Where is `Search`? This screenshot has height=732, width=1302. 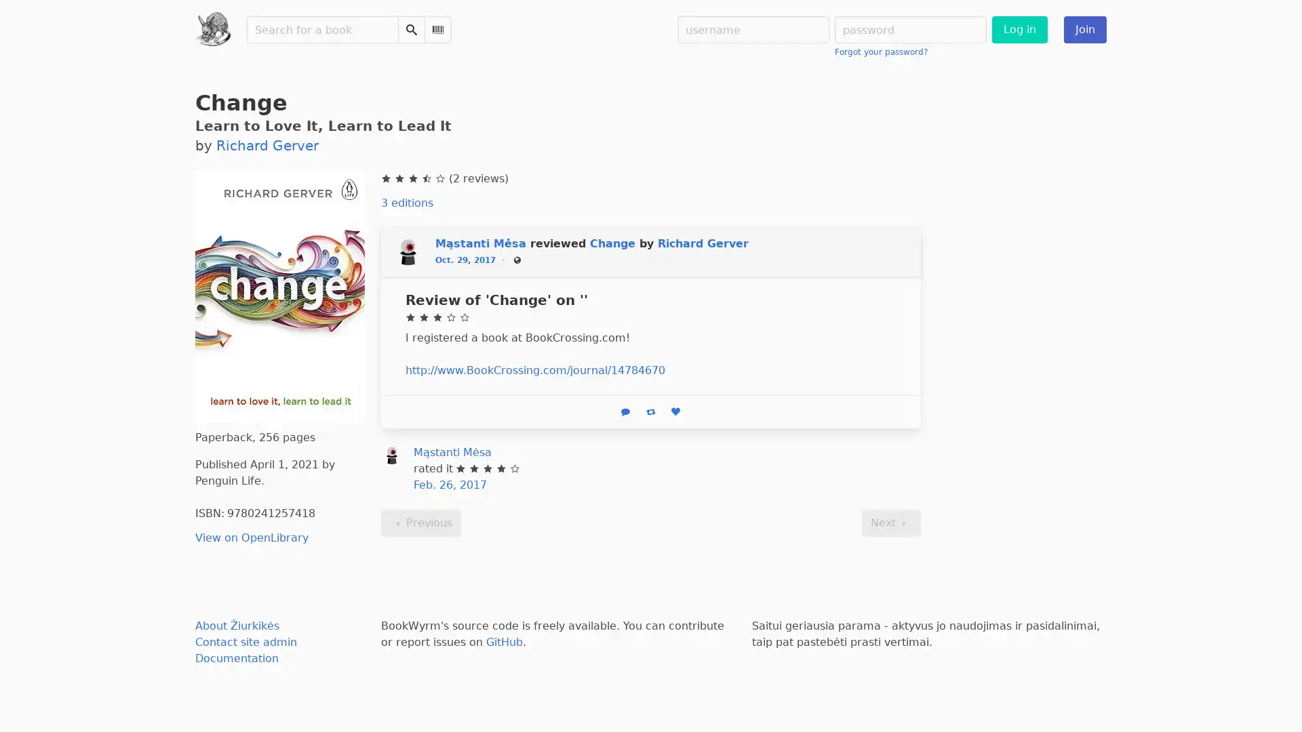
Search is located at coordinates (410, 29).